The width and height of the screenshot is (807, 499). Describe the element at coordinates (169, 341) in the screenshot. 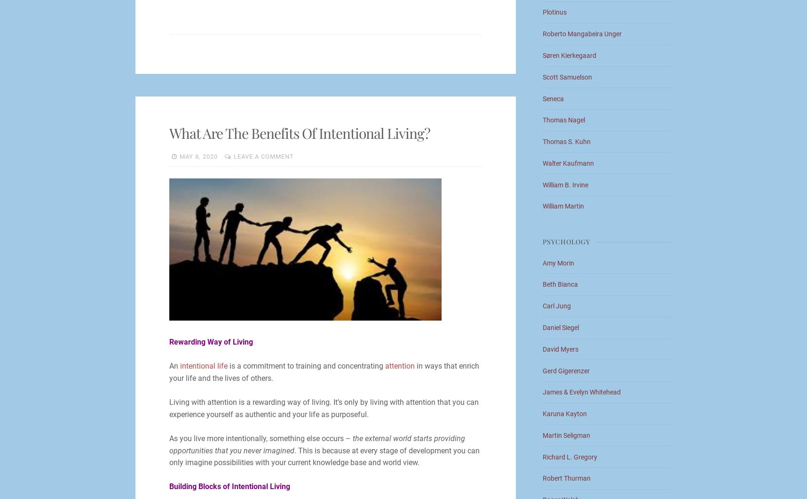

I see `'Rewarding Way of Living'` at that location.